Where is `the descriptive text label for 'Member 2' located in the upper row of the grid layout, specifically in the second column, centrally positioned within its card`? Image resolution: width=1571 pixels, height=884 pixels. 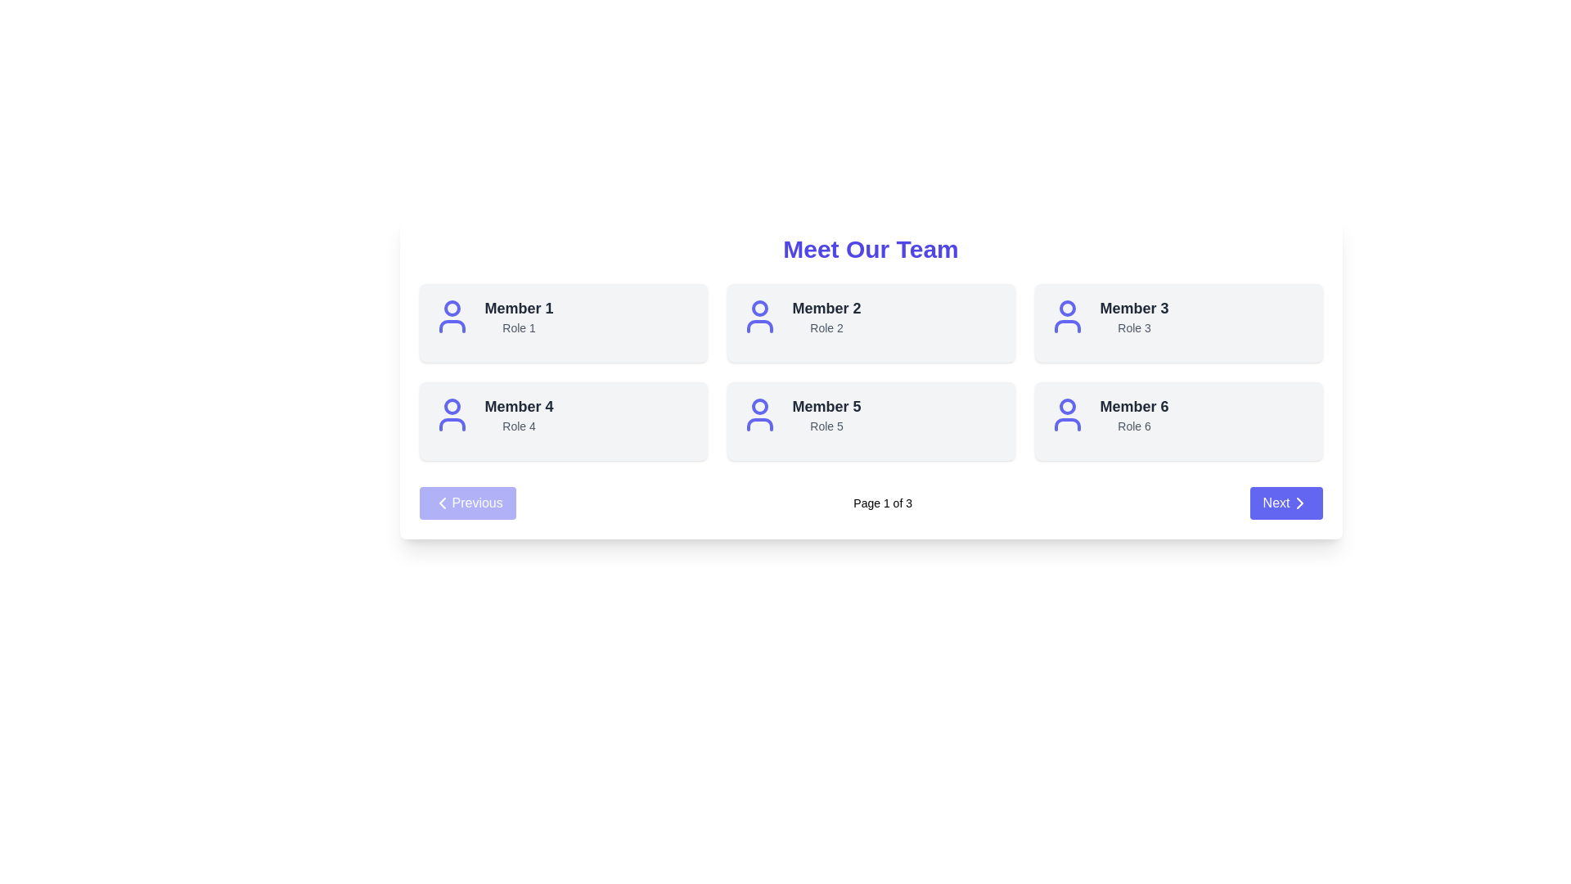 the descriptive text label for 'Member 2' located in the upper row of the grid layout, specifically in the second column, centrally positioned within its card is located at coordinates (826, 328).